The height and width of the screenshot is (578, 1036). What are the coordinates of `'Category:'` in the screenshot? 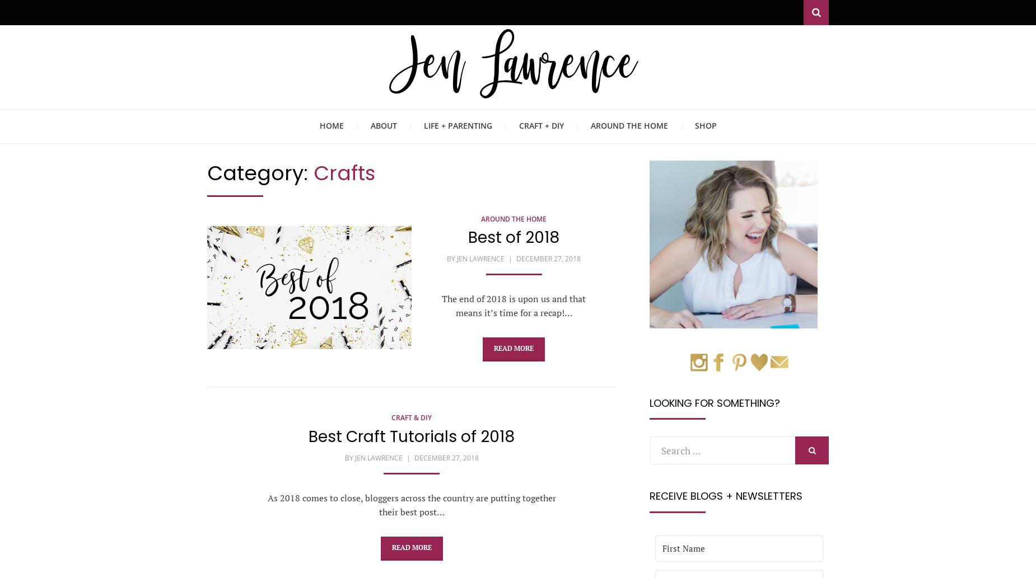 It's located at (260, 172).